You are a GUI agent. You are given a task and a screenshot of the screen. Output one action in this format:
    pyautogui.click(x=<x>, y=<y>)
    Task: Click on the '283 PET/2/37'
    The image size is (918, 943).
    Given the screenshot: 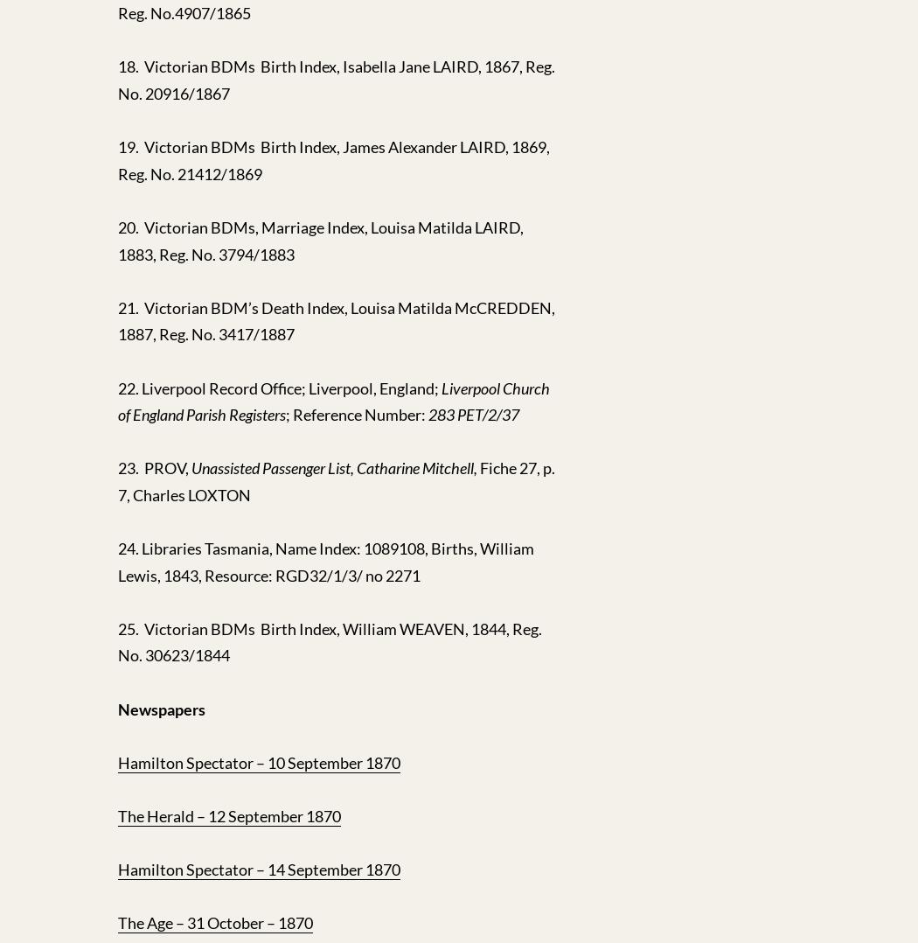 What is the action you would take?
    pyautogui.click(x=428, y=413)
    